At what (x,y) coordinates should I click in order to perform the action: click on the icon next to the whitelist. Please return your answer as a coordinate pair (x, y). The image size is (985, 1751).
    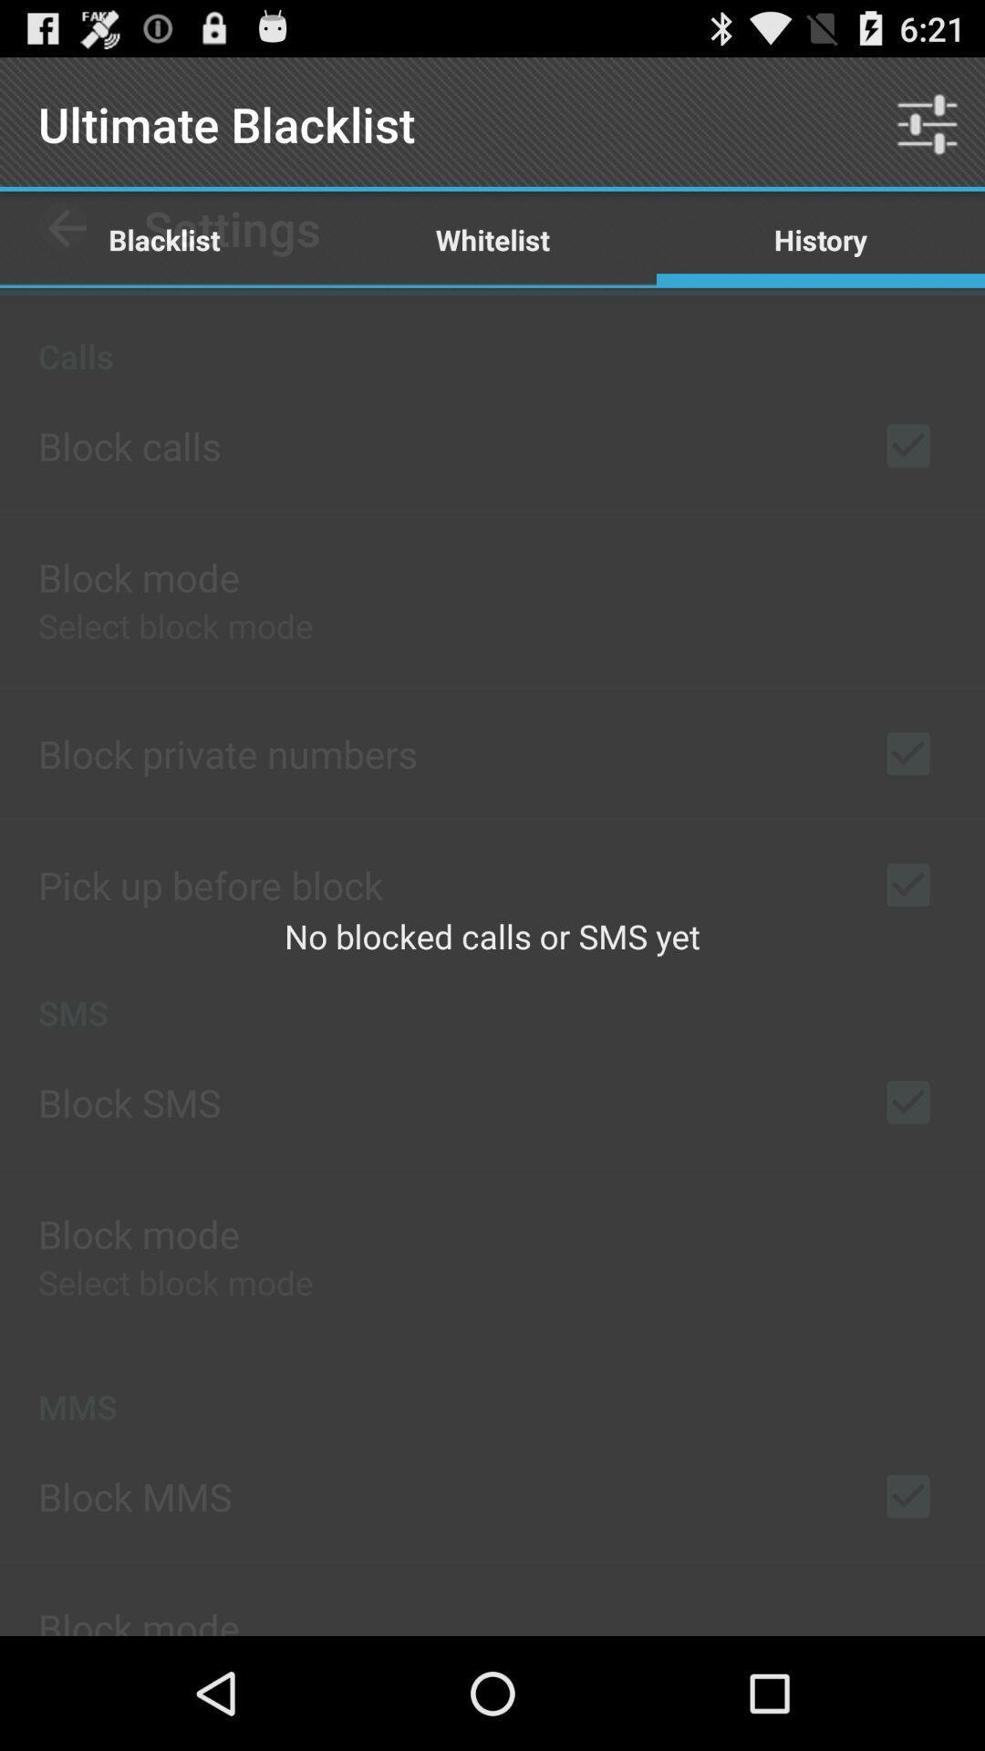
    Looking at the image, I should click on (819, 238).